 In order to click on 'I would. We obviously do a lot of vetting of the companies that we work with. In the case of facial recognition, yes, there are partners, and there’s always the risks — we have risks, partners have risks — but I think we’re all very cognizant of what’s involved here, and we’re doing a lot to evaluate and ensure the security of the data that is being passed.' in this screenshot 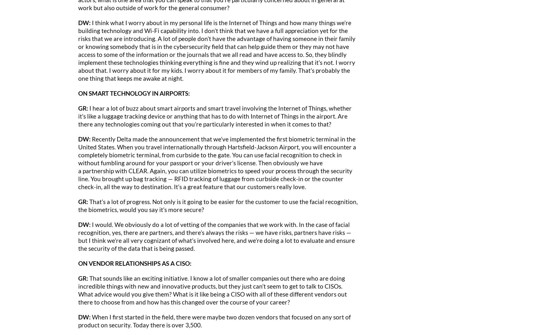, I will do `click(217, 236)`.